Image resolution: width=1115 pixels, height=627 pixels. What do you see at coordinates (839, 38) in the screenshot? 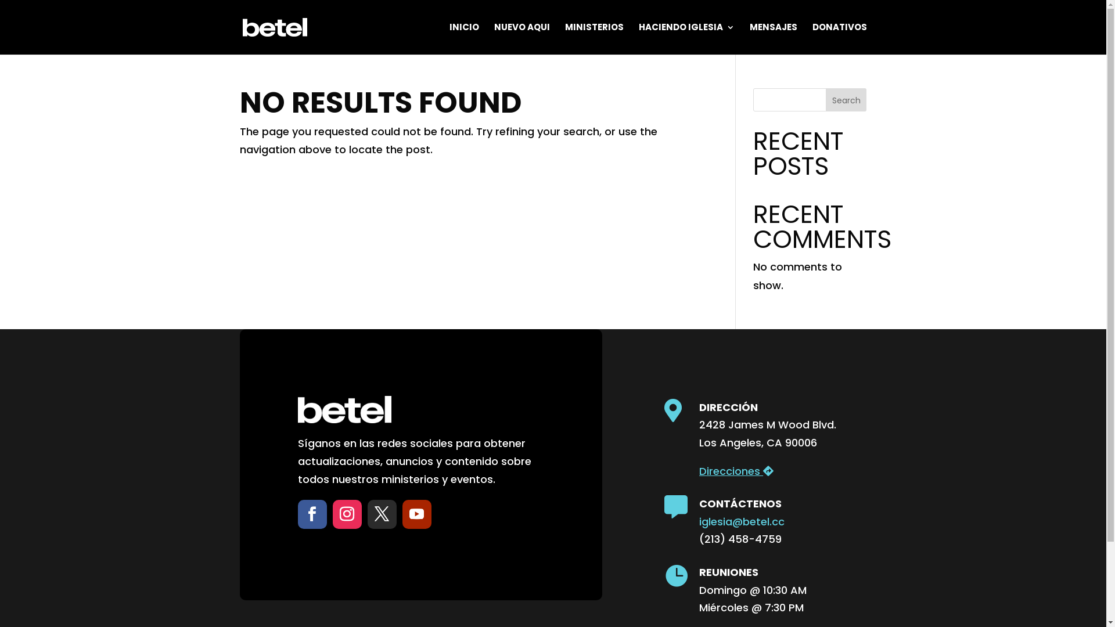
I see `'DONATIVOS'` at bounding box center [839, 38].